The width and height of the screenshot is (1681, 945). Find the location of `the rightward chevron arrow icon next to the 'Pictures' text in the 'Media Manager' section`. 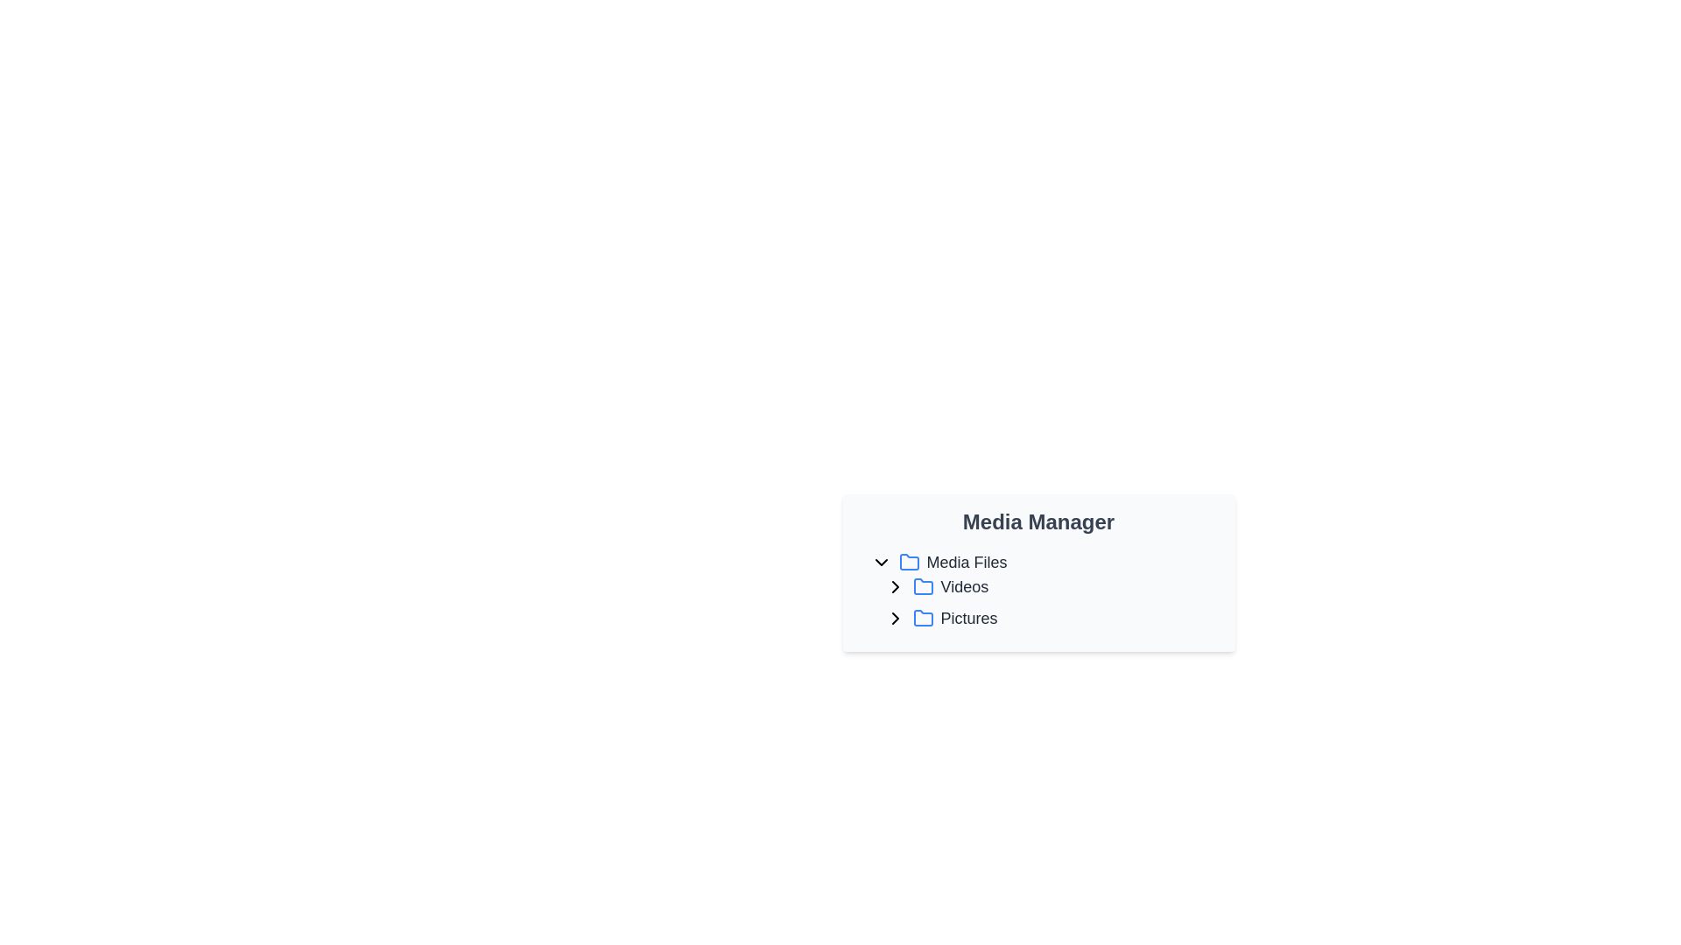

the rightward chevron arrow icon next to the 'Pictures' text in the 'Media Manager' section is located at coordinates (895, 617).